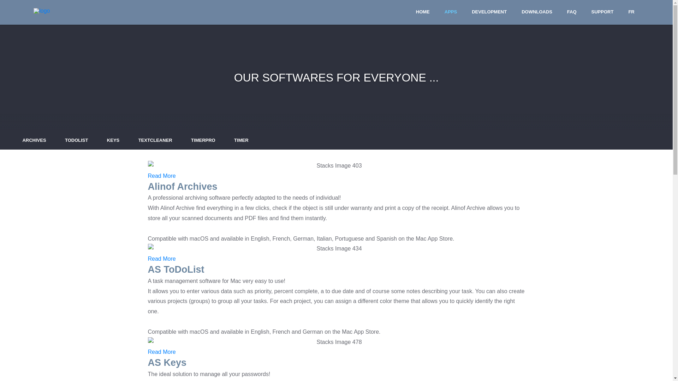 The height and width of the screenshot is (381, 678). Describe the element at coordinates (186, 140) in the screenshot. I see `'TIMERPRO'` at that location.